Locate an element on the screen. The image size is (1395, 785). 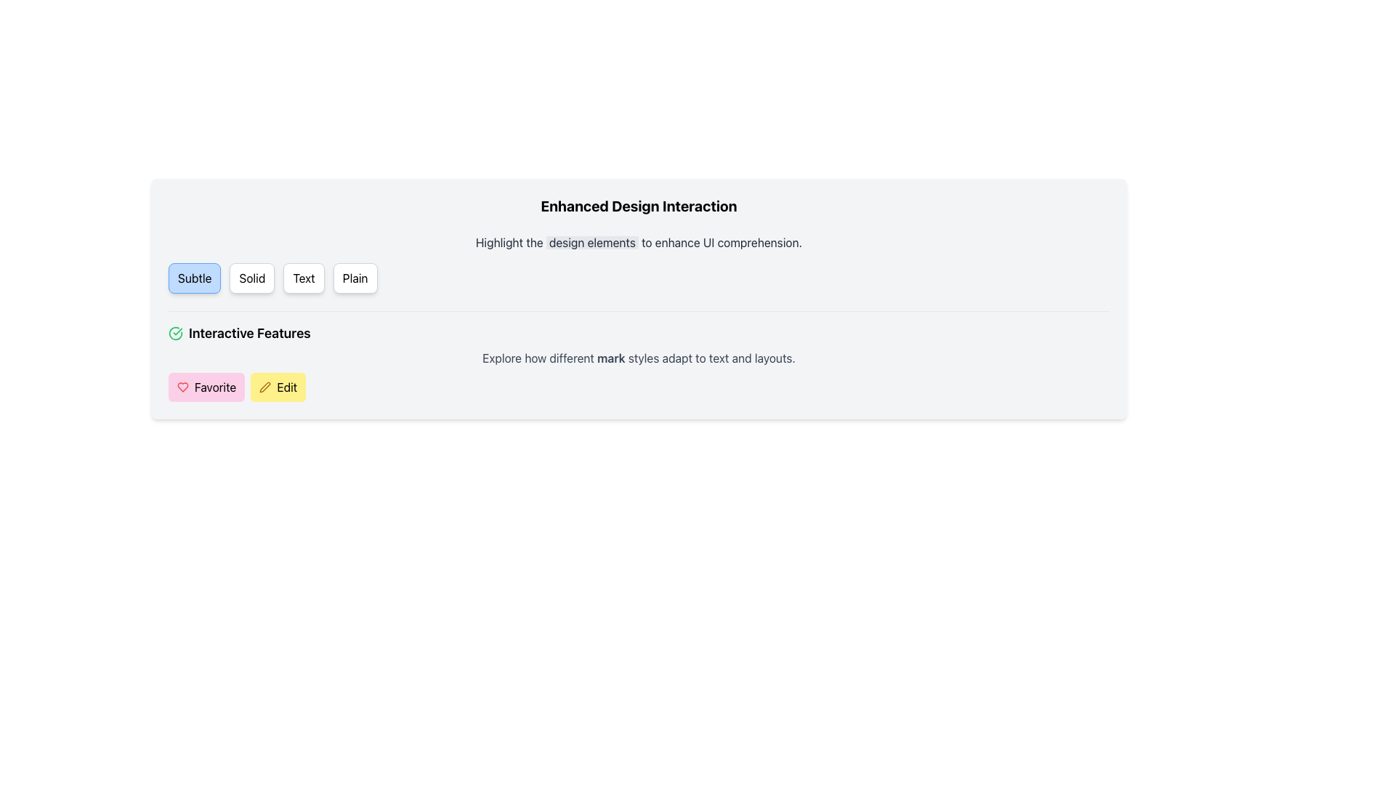
the editing button located in the 'Interactive Features' row is located at coordinates (278, 386).